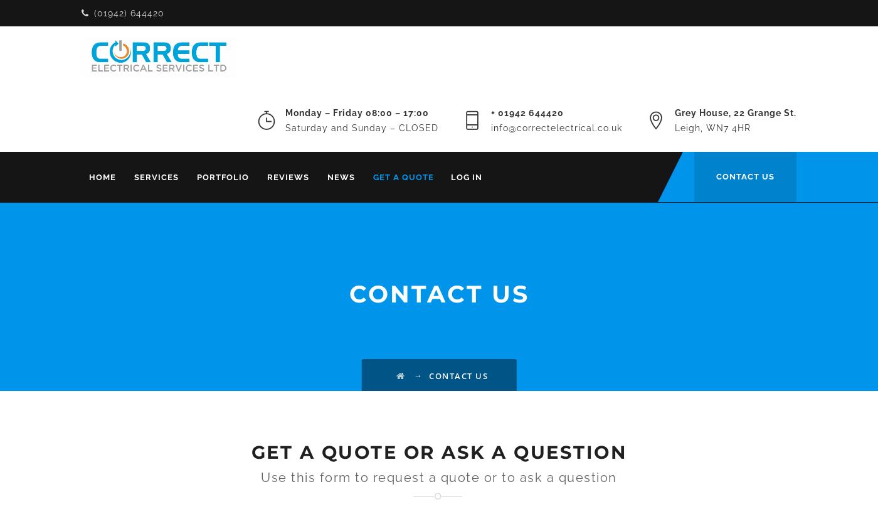  I want to click on 'Use this form to request a quote or to ask a question', so click(260, 477).